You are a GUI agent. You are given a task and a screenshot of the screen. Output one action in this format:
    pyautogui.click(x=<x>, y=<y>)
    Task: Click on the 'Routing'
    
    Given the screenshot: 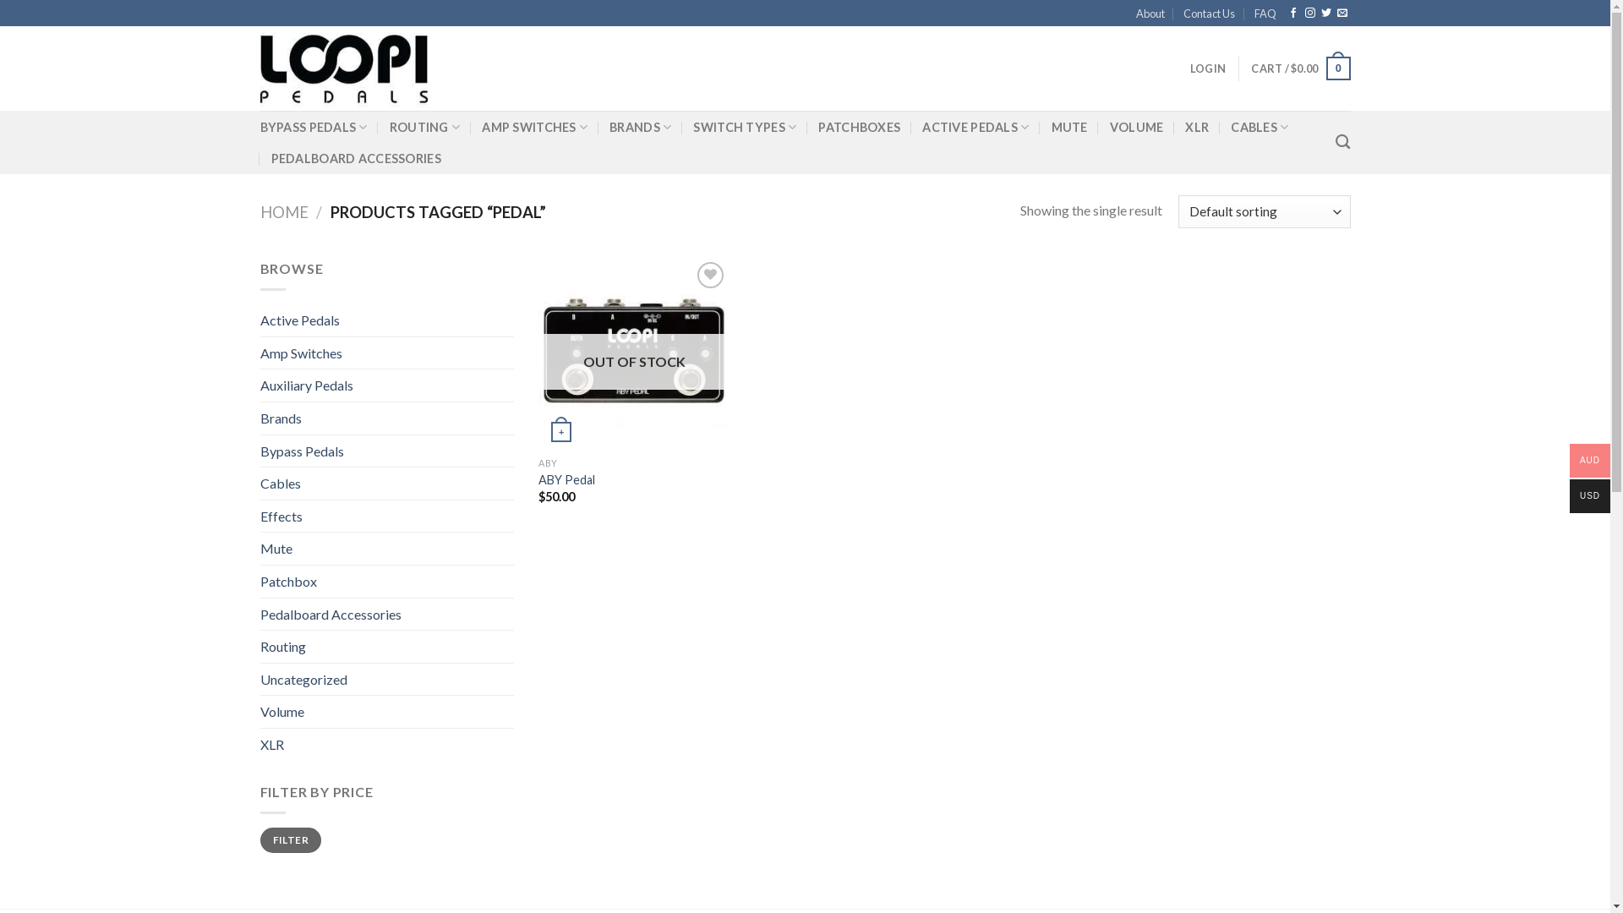 What is the action you would take?
    pyautogui.click(x=385, y=646)
    